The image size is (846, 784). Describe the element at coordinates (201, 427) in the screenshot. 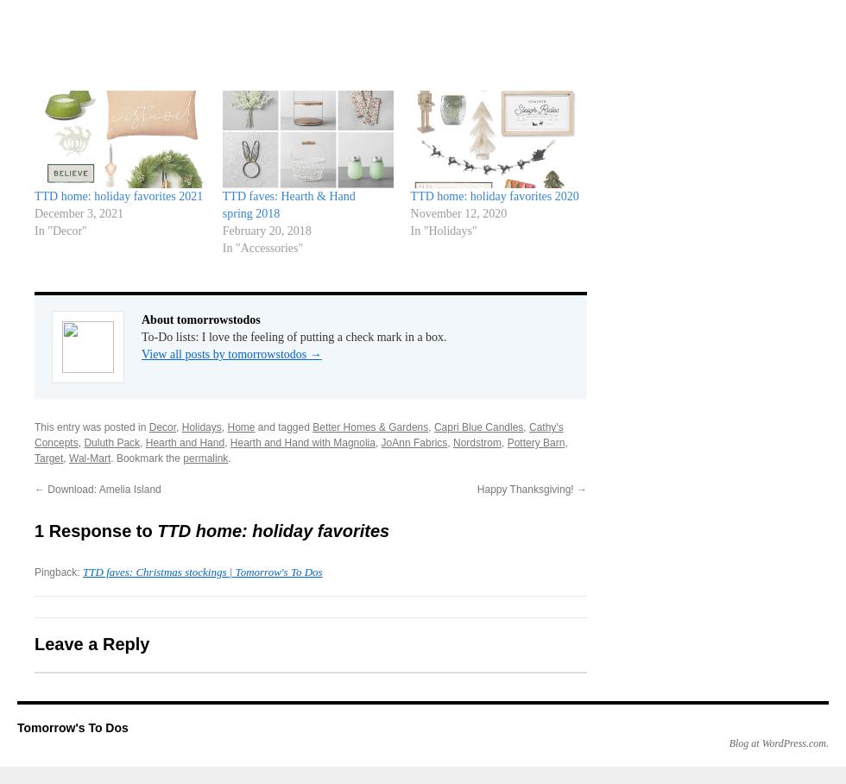

I see `'Holidays'` at that location.